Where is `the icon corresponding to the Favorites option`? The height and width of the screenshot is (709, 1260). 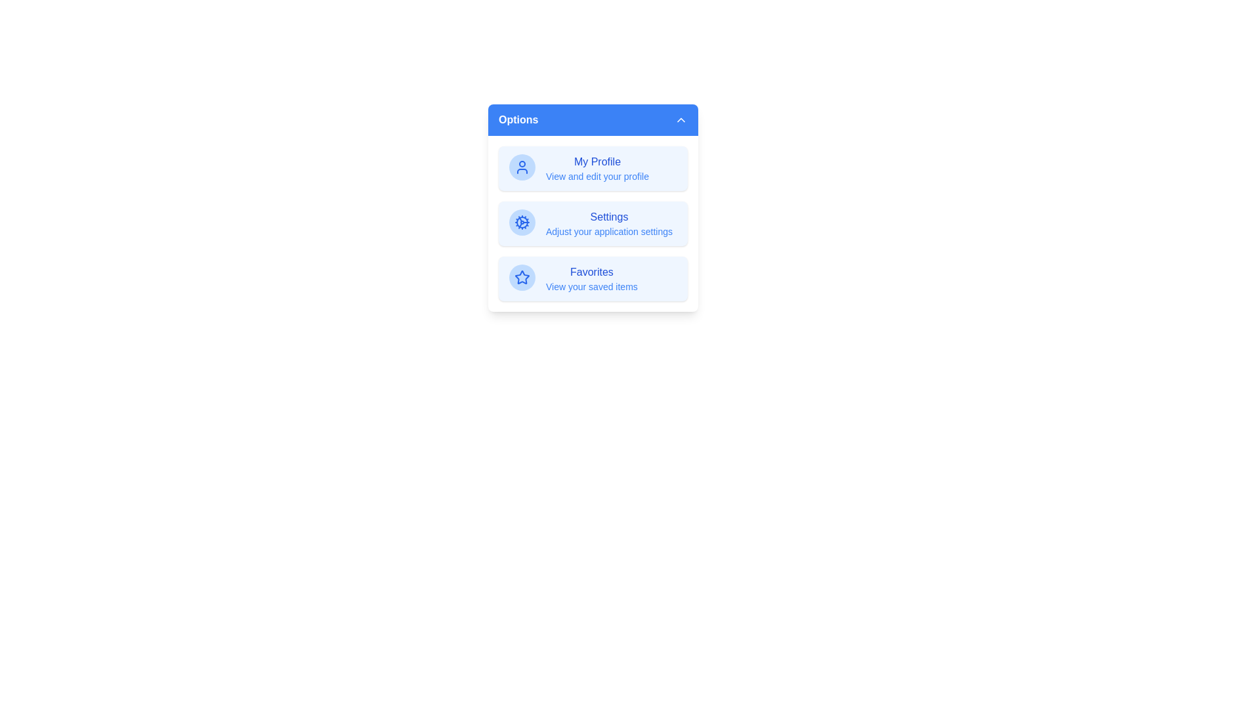
the icon corresponding to the Favorites option is located at coordinates (522, 277).